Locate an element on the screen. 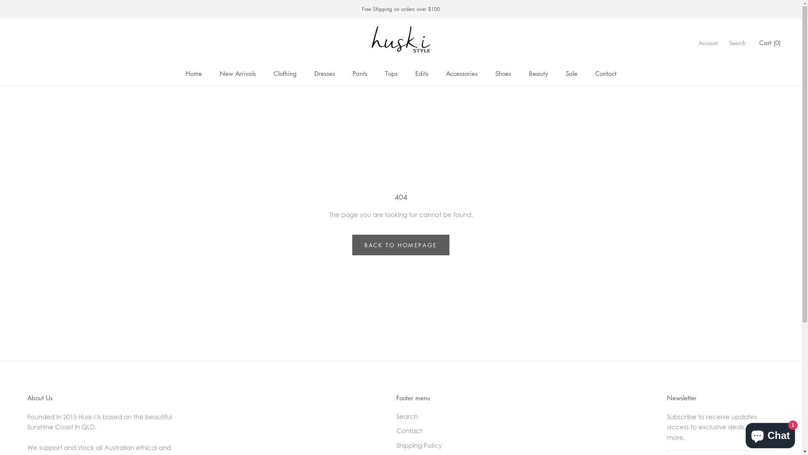 The image size is (808, 455). 'Shoes' is located at coordinates (495, 72).